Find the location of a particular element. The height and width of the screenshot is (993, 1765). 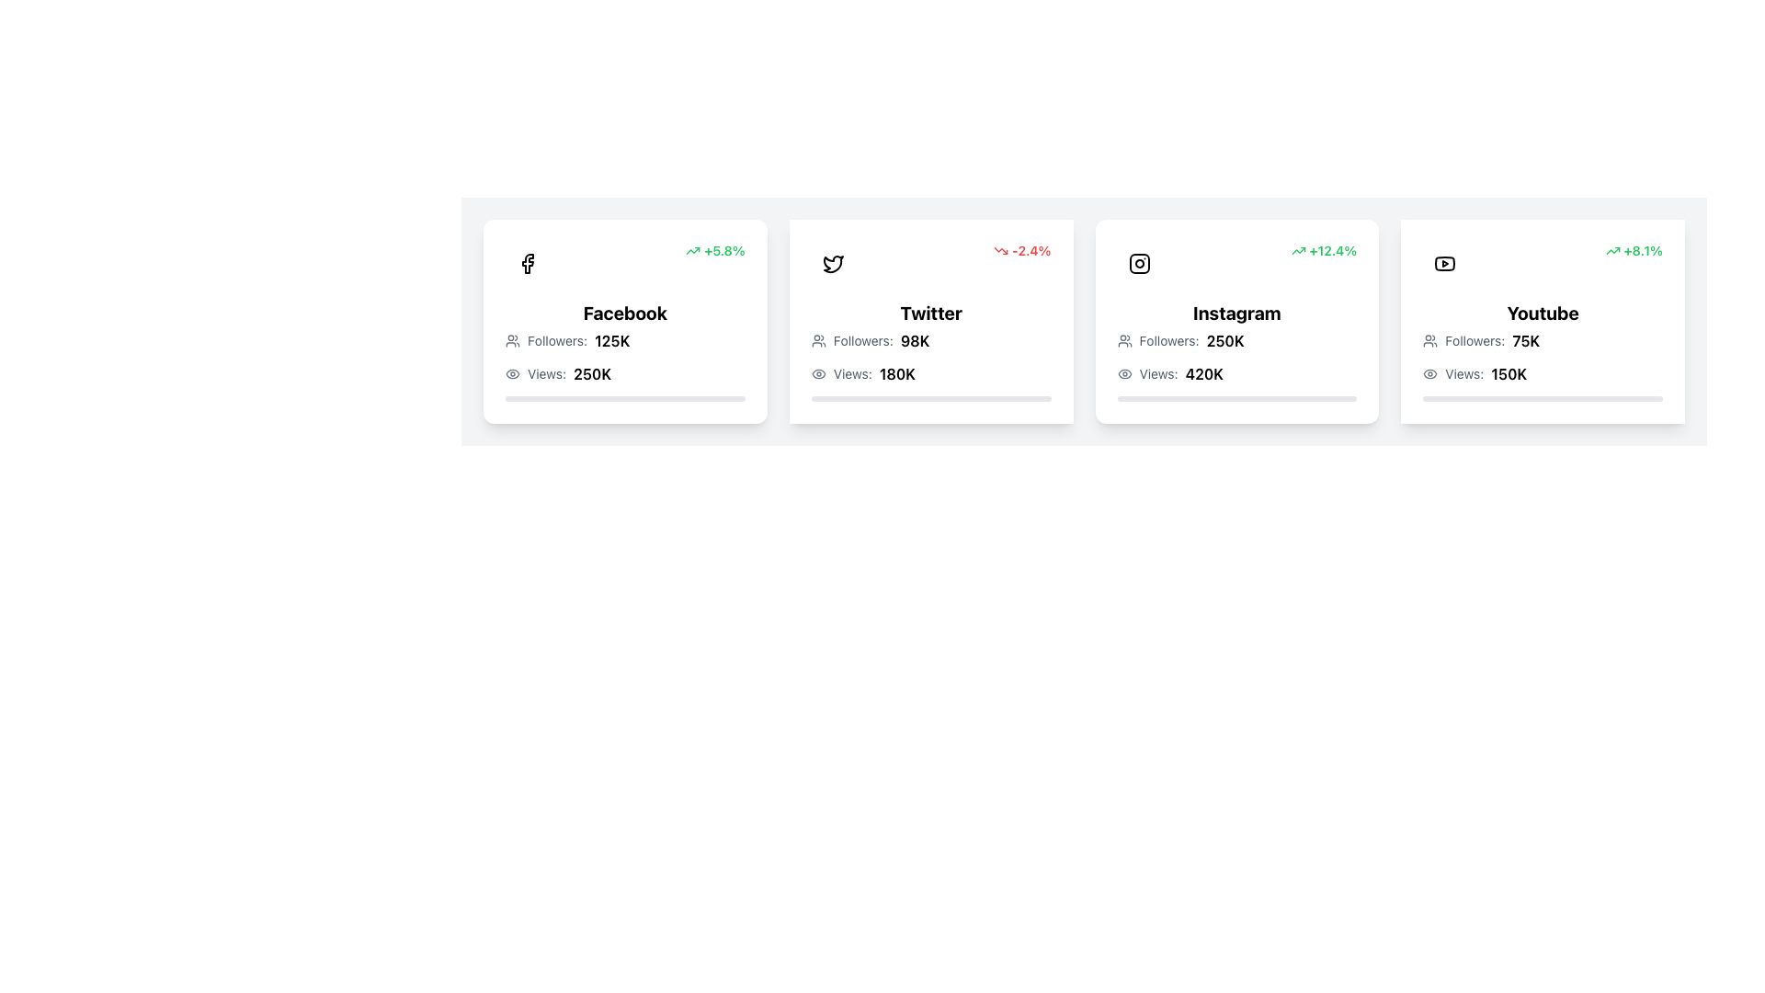

the outer layer of the eye icon in the Instagram card, located near the views count labeled '420K' is located at coordinates (1123, 373).